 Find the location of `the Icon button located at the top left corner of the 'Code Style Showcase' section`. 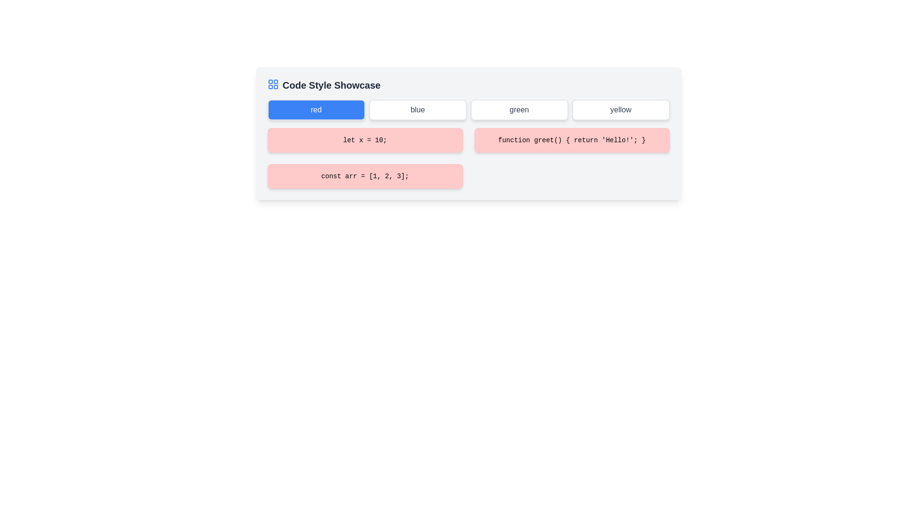

the Icon button located at the top left corner of the 'Code Style Showcase' section is located at coordinates (272, 83).